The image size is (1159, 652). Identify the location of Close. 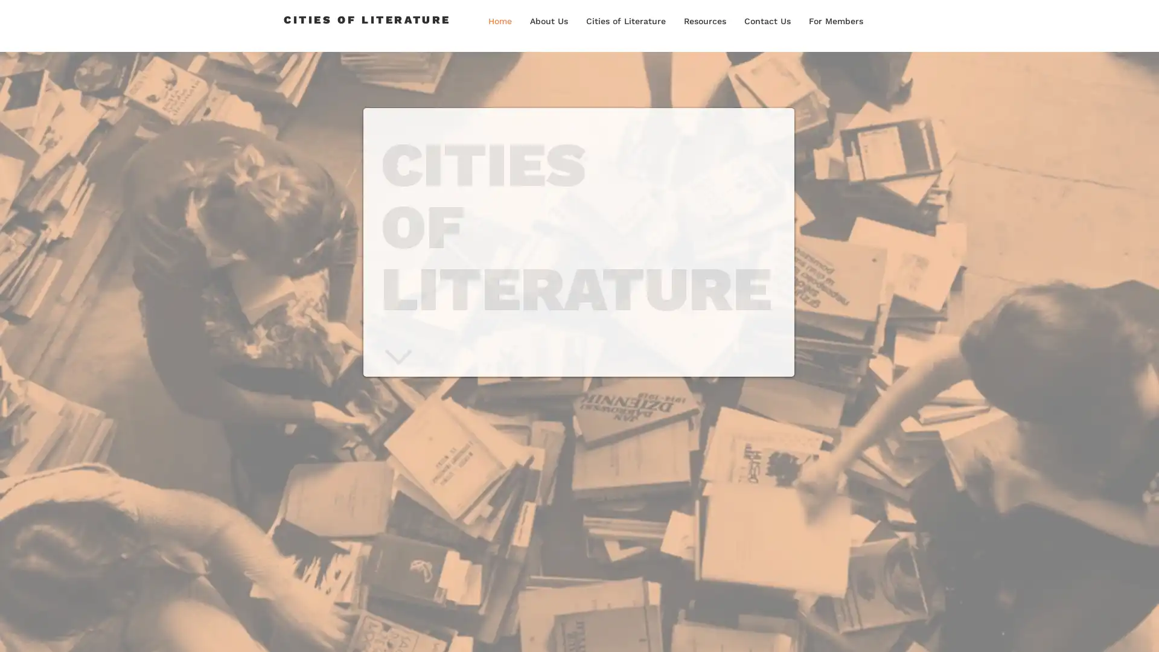
(1144, 630).